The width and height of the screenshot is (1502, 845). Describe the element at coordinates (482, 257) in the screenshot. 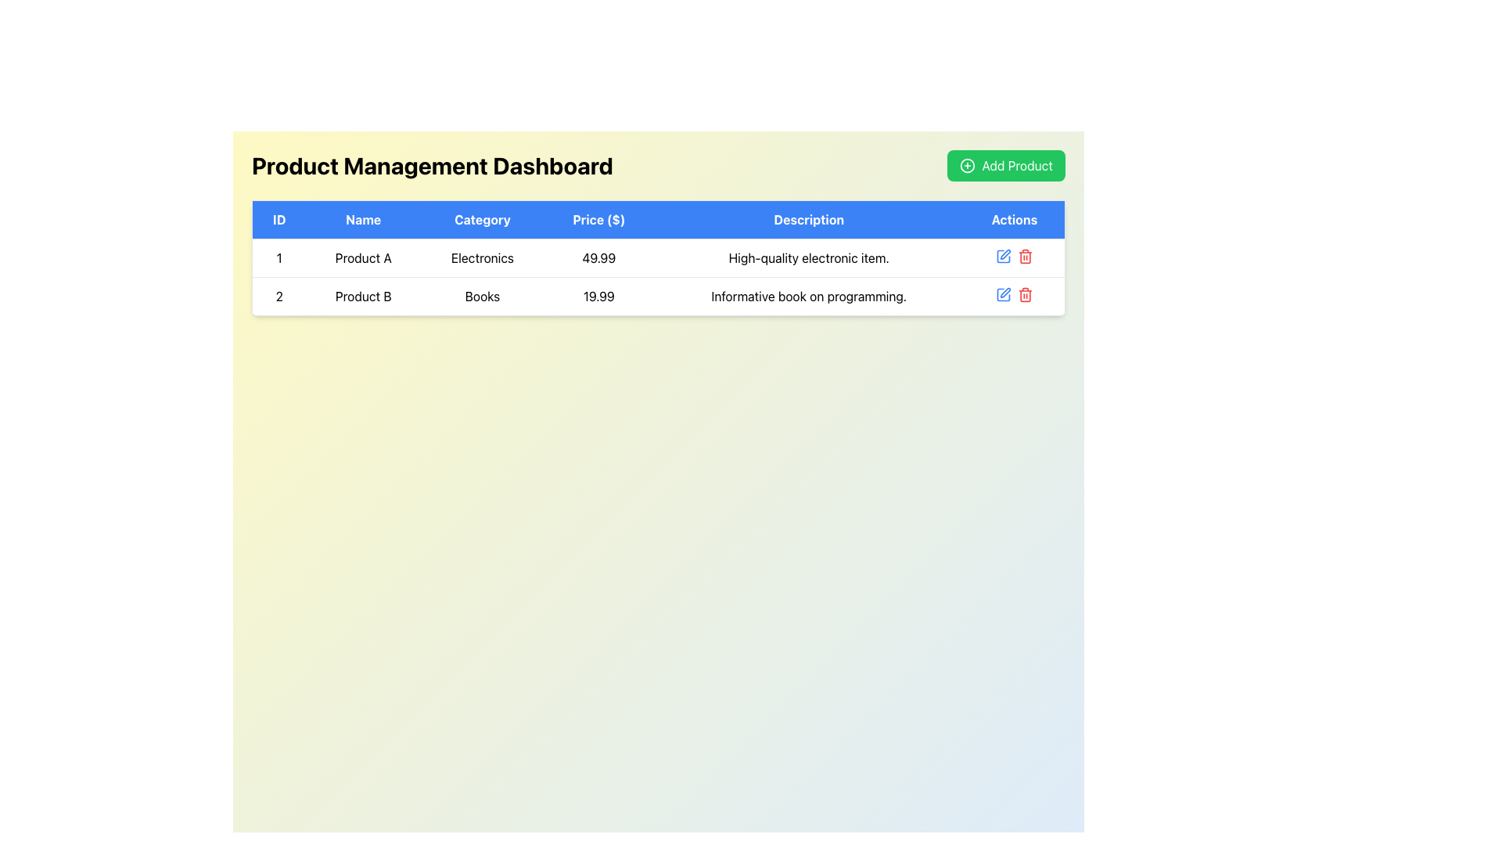

I see `text content of the table cell displaying 'Electronics' in the 'Category' column of the first row` at that location.